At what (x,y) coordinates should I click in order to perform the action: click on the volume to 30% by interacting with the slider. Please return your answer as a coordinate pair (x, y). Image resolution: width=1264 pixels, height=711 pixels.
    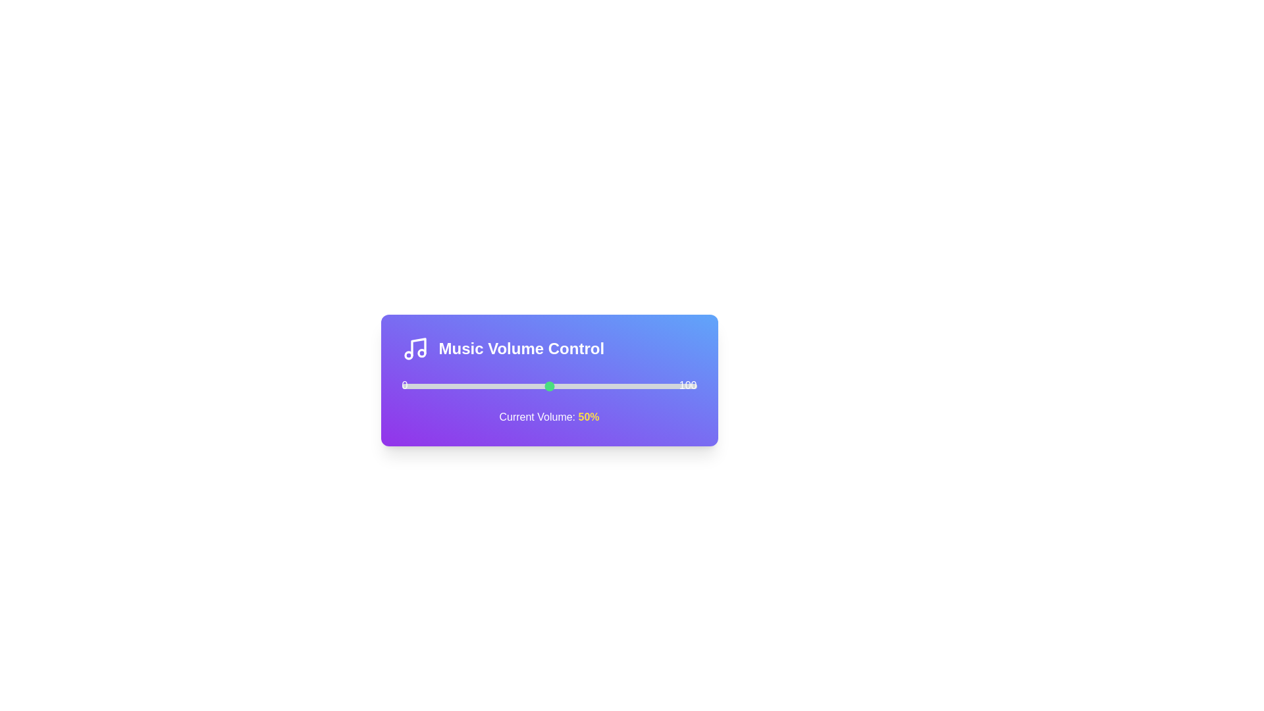
    Looking at the image, I should click on (489, 385).